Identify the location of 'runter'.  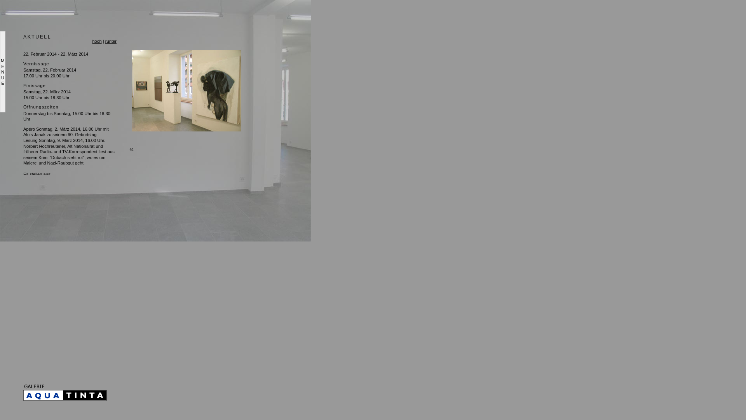
(105, 41).